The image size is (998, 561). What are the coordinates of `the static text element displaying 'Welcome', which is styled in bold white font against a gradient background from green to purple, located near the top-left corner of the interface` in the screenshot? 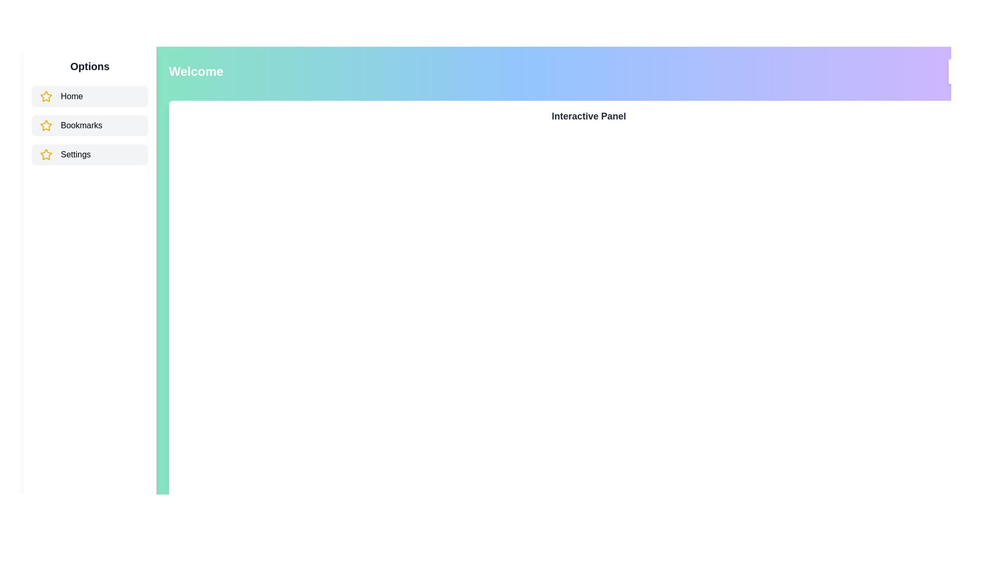 It's located at (196, 71).